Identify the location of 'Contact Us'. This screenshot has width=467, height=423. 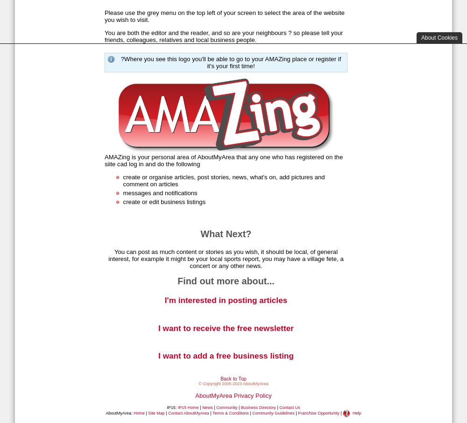
(289, 407).